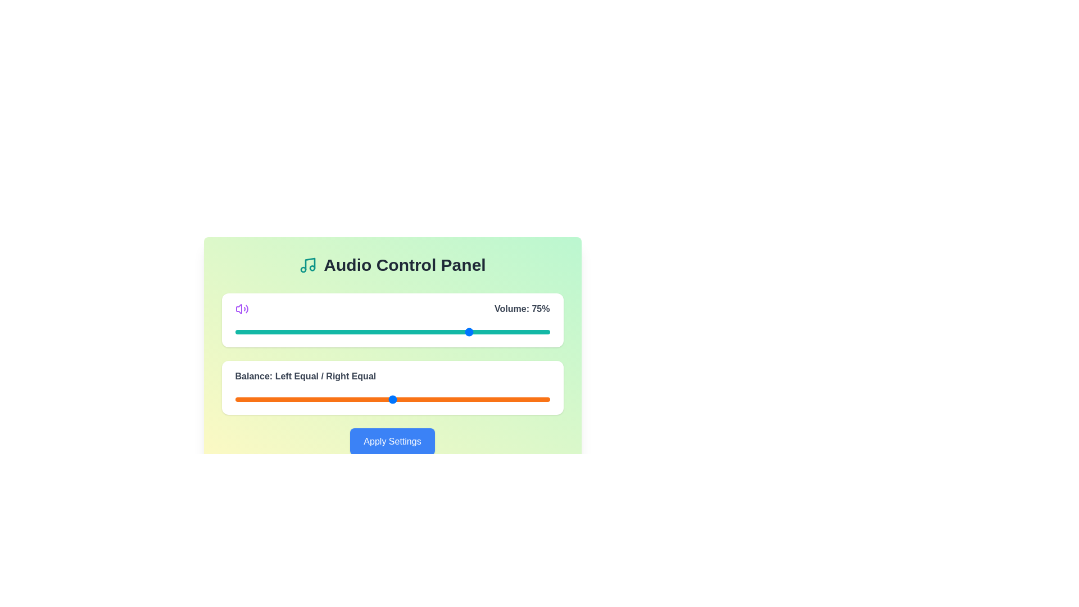 The width and height of the screenshot is (1079, 607). What do you see at coordinates (367, 331) in the screenshot?
I see `the volume slider to 42 percent` at bounding box center [367, 331].